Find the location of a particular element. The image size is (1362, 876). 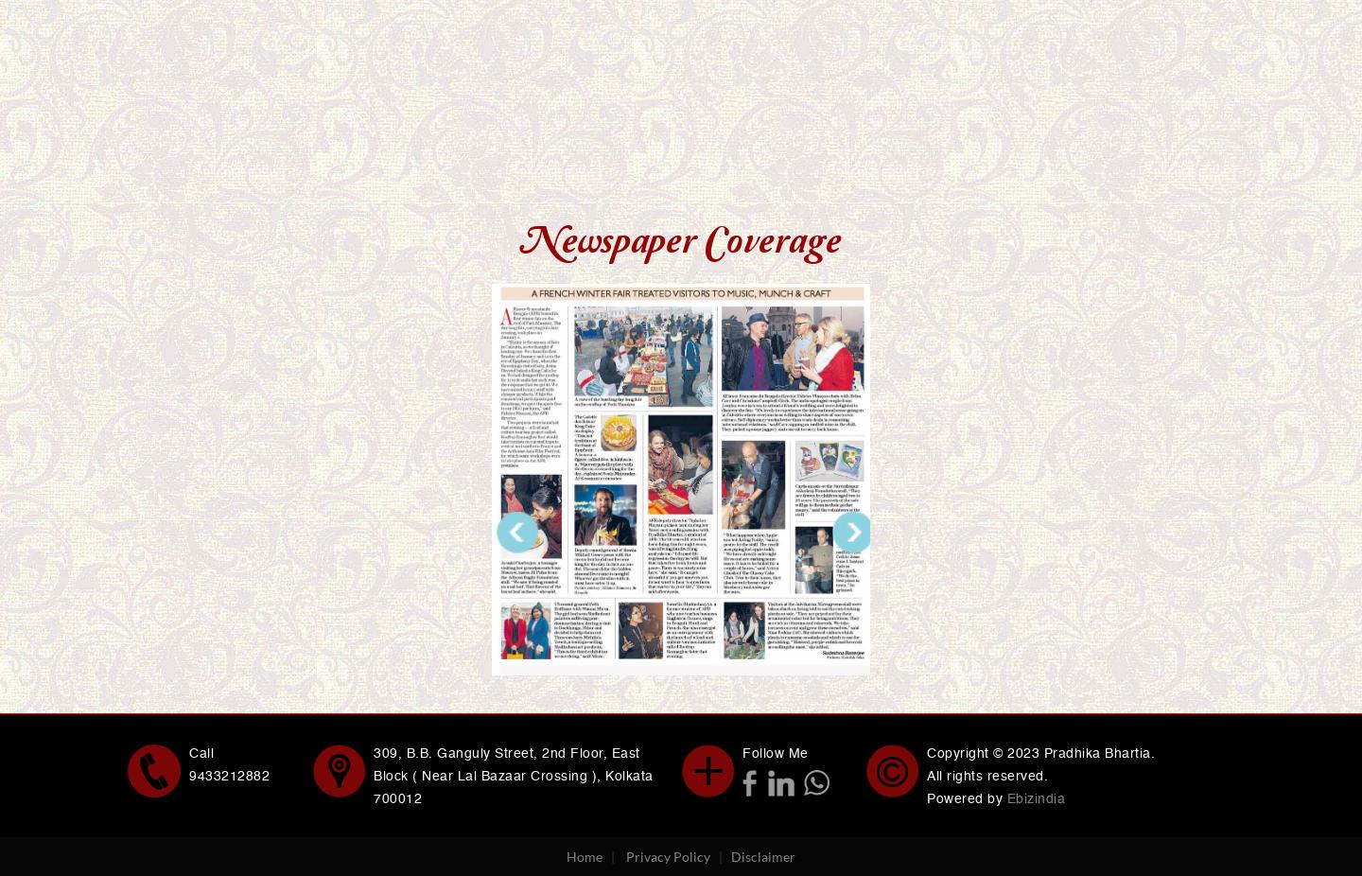

'Disclaimer' is located at coordinates (762, 855).